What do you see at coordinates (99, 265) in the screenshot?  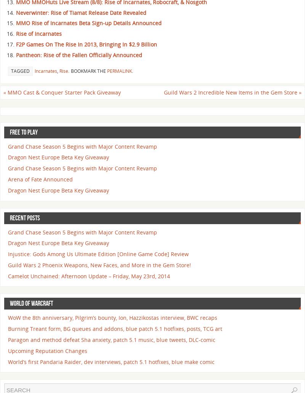 I see `'Guild Wars 2 Phoenix Weapons, New Faces, and More in the Gem Store!'` at bounding box center [99, 265].